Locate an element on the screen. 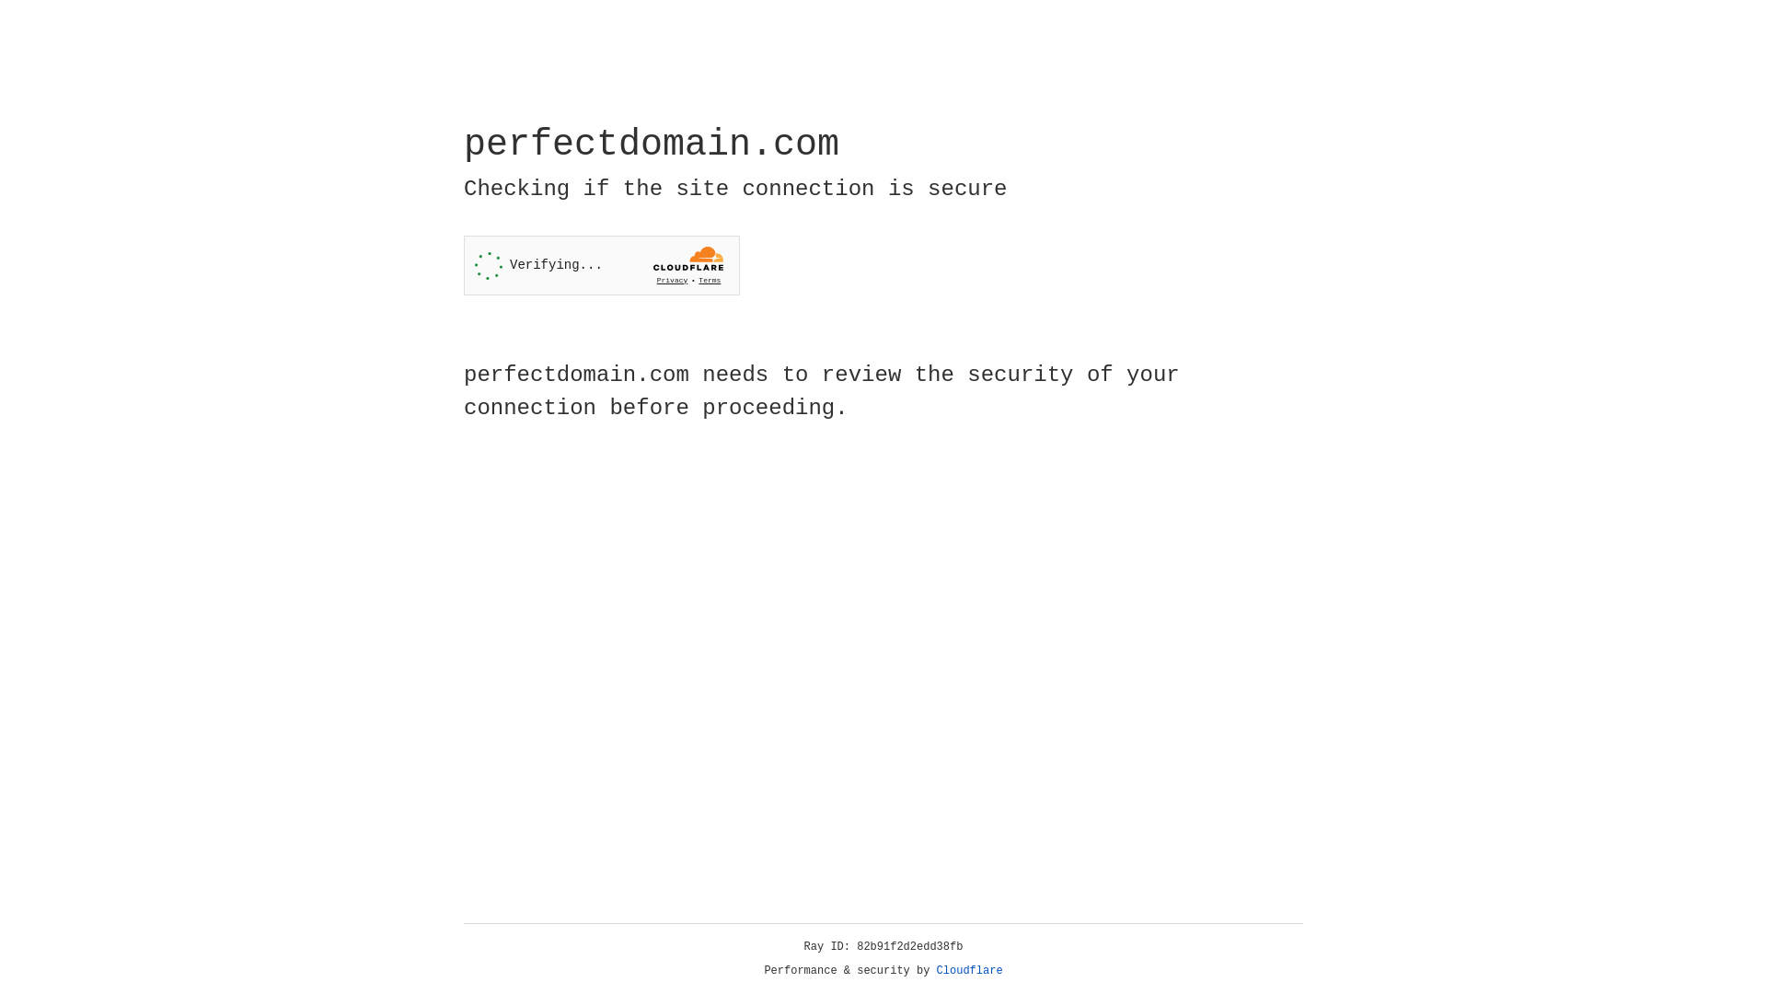 The image size is (1767, 994). 'Cloudflare' is located at coordinates (969, 970).